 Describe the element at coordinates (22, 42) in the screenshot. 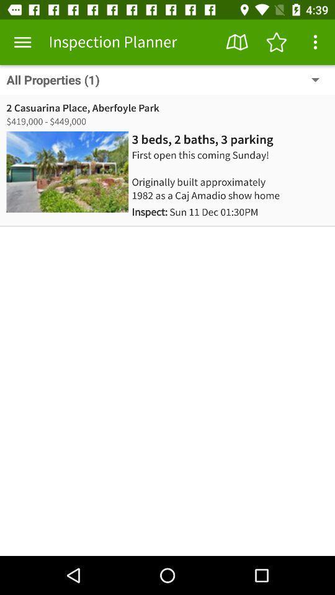

I see `the app to the left of inspection planner item` at that location.